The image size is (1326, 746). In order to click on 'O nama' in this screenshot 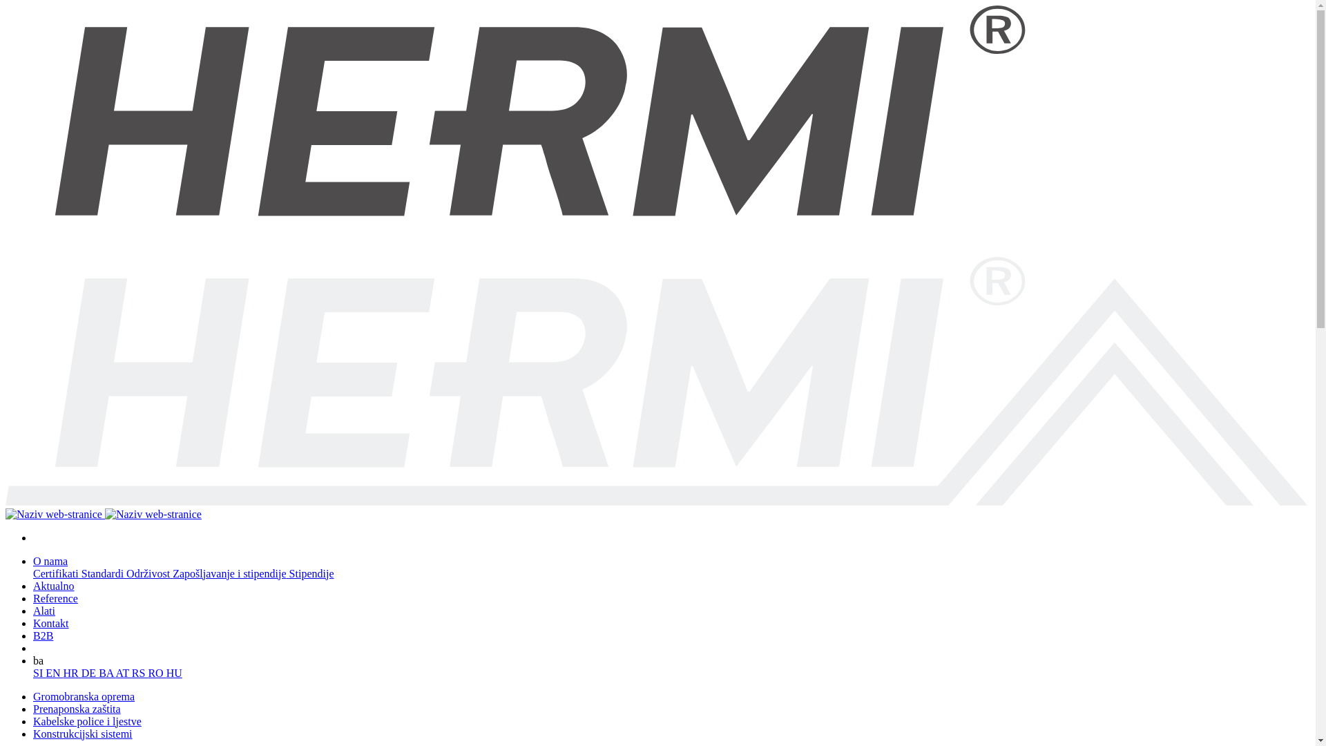, I will do `click(50, 561)`.